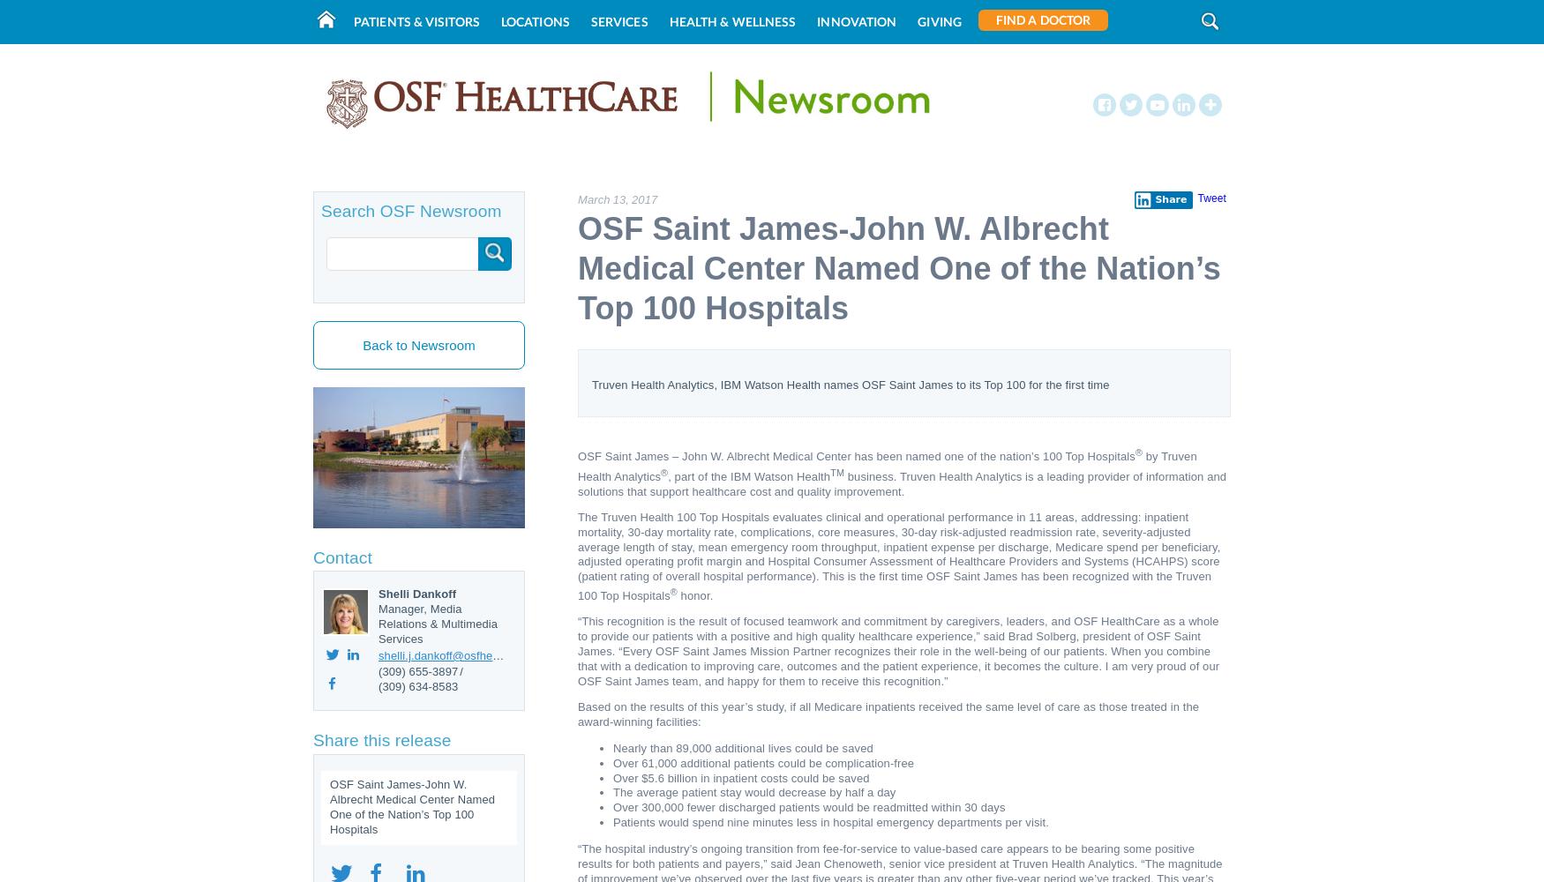  I want to click on '“This recognition is the result of focused teamwork and commitment by caregivers, leaders, and OSF HealthCare as a whole to provide our patients with a positive and high quality healthcare experience,” said Brad Solberg, president of OSF Saint James. “Every OSF Saint James Mission Partner recognizes their role in the well-being of our patients. When you combine that with a dedication to improving care, outcomes and the patient experience, it becomes the culture. I am very proud of our OSF Saint James team, and happy for them to receive this recognition.”', so click(897, 650).